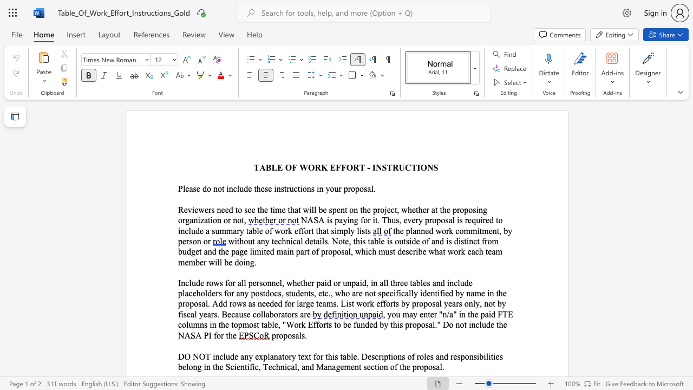  I want to click on the subset text "LE OF WOR" within the text "TABLE OF WORK EFFORT - INSTRUCTIONS", so click(271, 167).